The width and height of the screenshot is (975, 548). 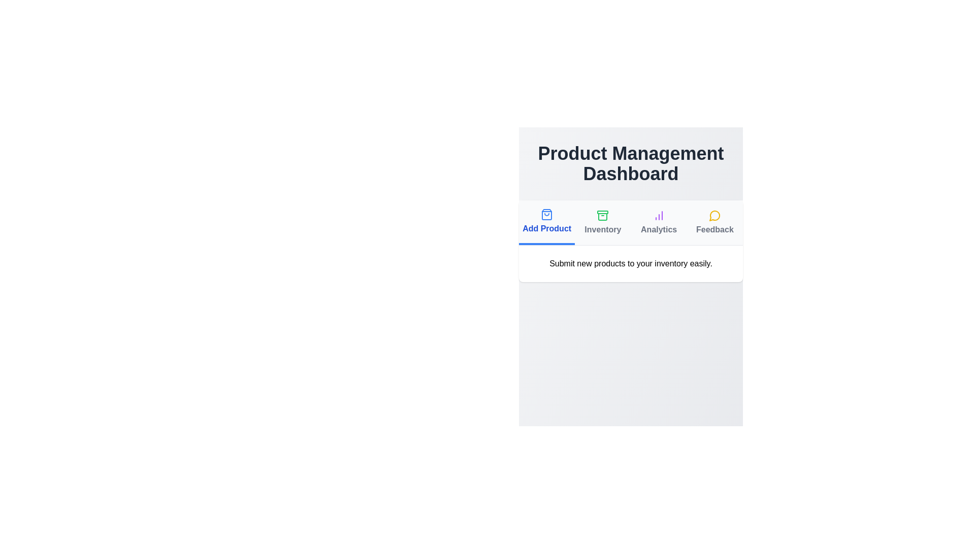 I want to click on the inventory/storage icon, which is the second icon, so click(x=603, y=216).